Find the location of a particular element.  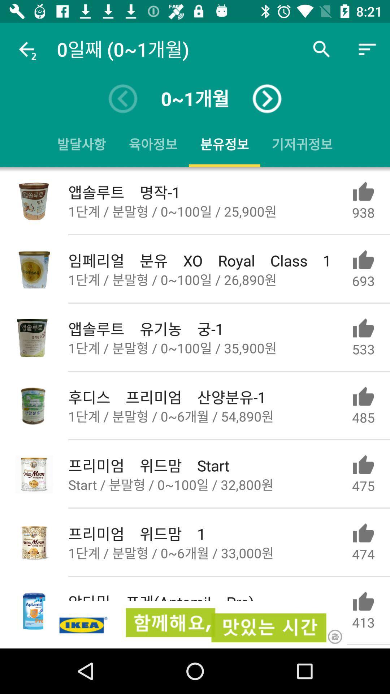

the arrow_backward icon is located at coordinates (122, 98).